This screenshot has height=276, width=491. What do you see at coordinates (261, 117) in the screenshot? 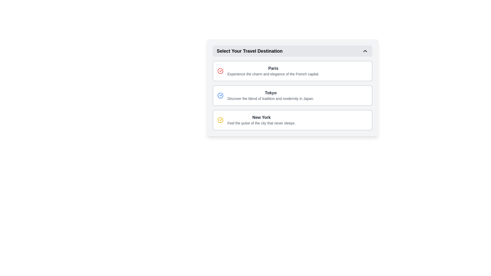
I see `the text 'New York'` at bounding box center [261, 117].